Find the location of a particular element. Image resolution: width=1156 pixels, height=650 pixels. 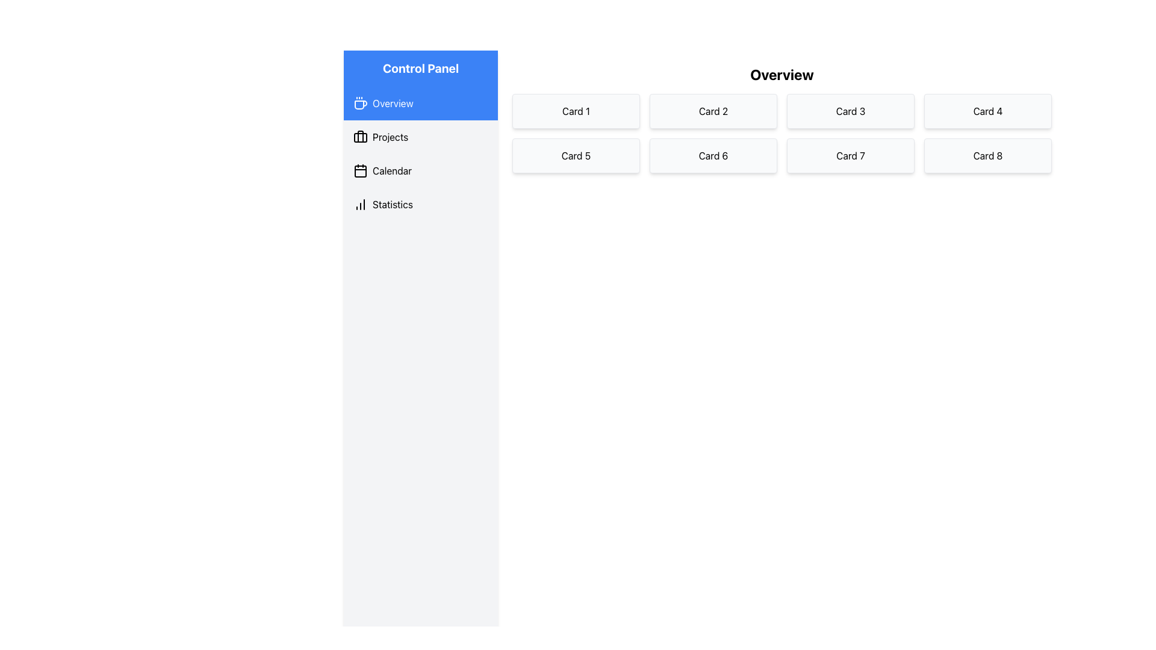

the calendar icon located in the vertical navigation menu, which is the third item below 'Overview' and 'Projects' is located at coordinates (360, 171).